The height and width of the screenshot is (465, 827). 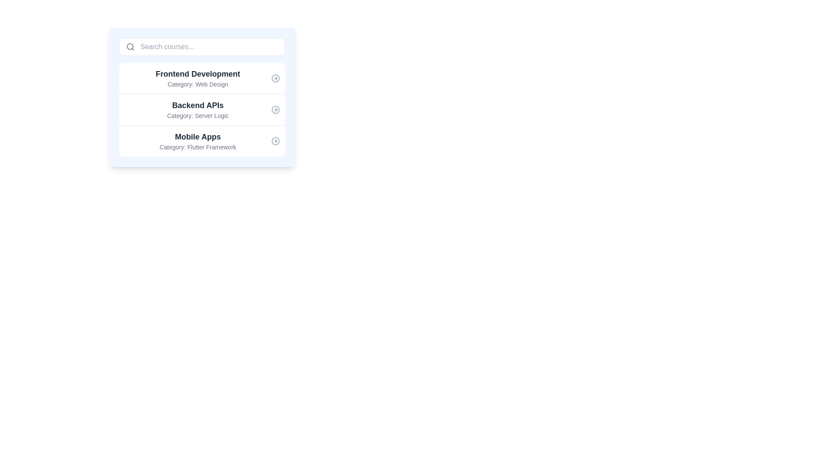 What do you see at coordinates (197, 140) in the screenshot?
I see `on the 'Mobile Apps' selectable list item, which is the third item in a vertical list` at bounding box center [197, 140].